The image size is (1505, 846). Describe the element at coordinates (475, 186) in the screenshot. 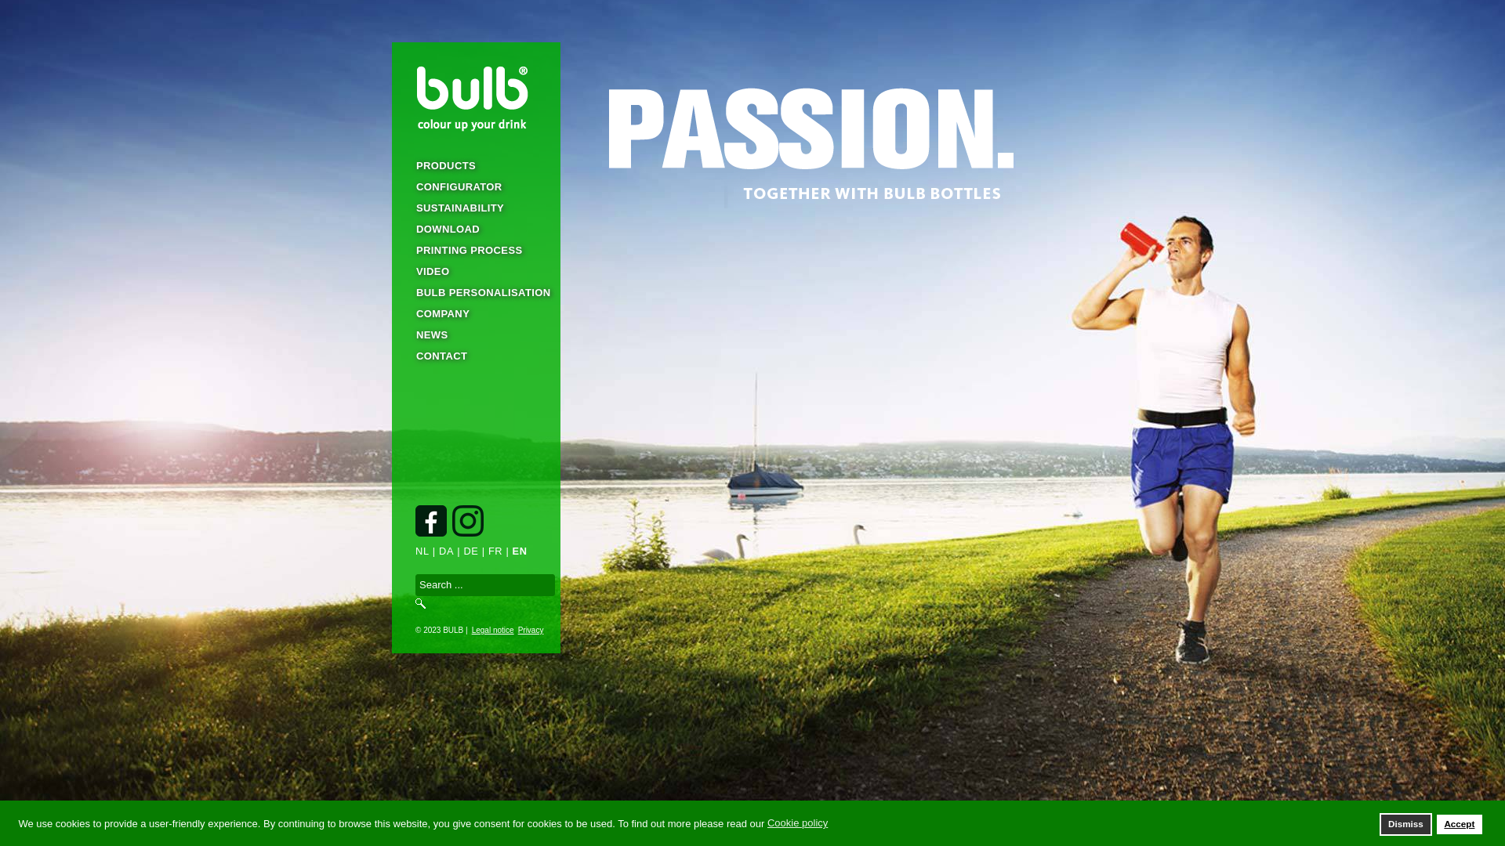

I see `'CONFIGURATOR'` at that location.